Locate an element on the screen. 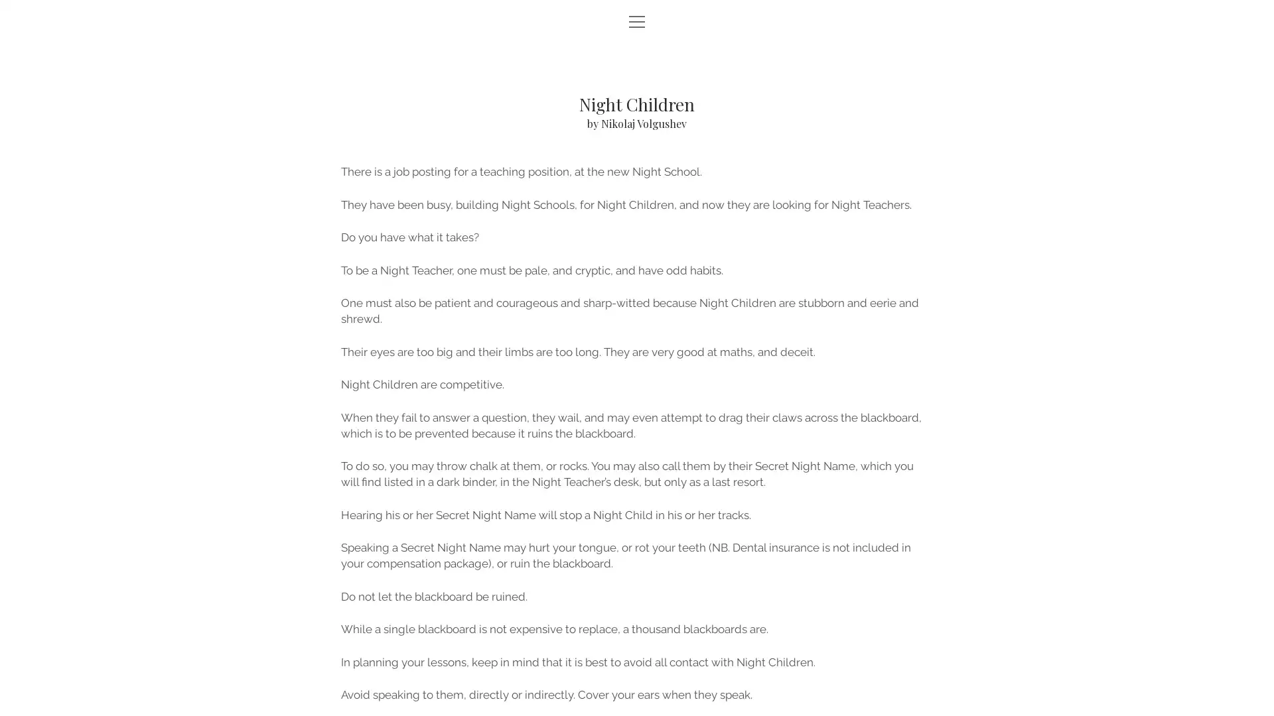 Image resolution: width=1274 pixels, height=716 pixels. open menu is located at coordinates (637, 23).